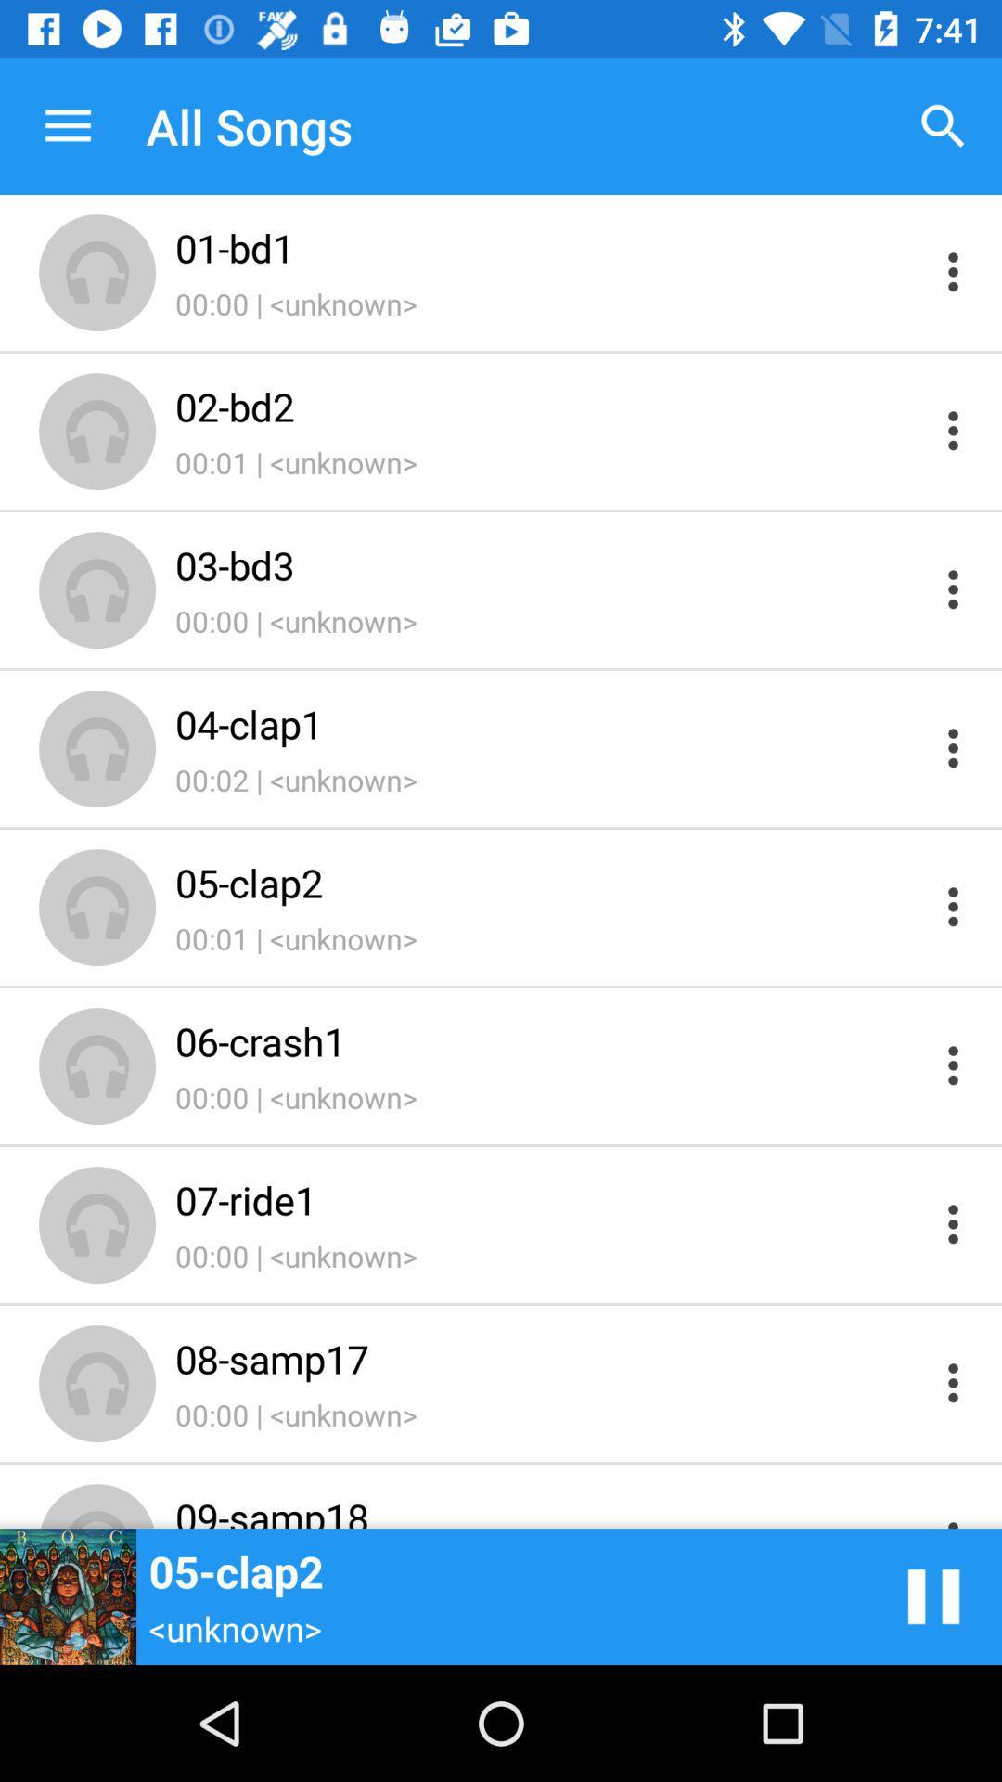  What do you see at coordinates (953, 1510) in the screenshot?
I see `options` at bounding box center [953, 1510].